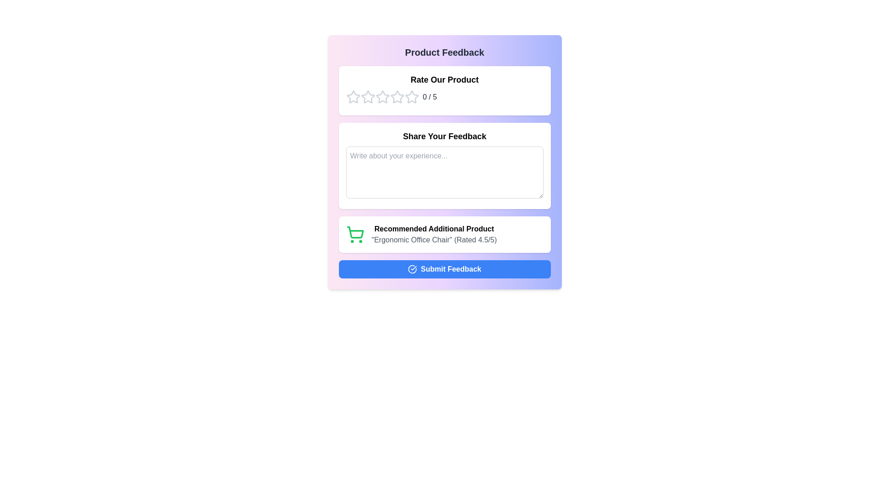 The height and width of the screenshot is (493, 877). What do you see at coordinates (433, 228) in the screenshot?
I see `the static text label that reads 'Recommended Additional Product', which is bold and positioned above product details in the recommendations section of the user interface` at bounding box center [433, 228].